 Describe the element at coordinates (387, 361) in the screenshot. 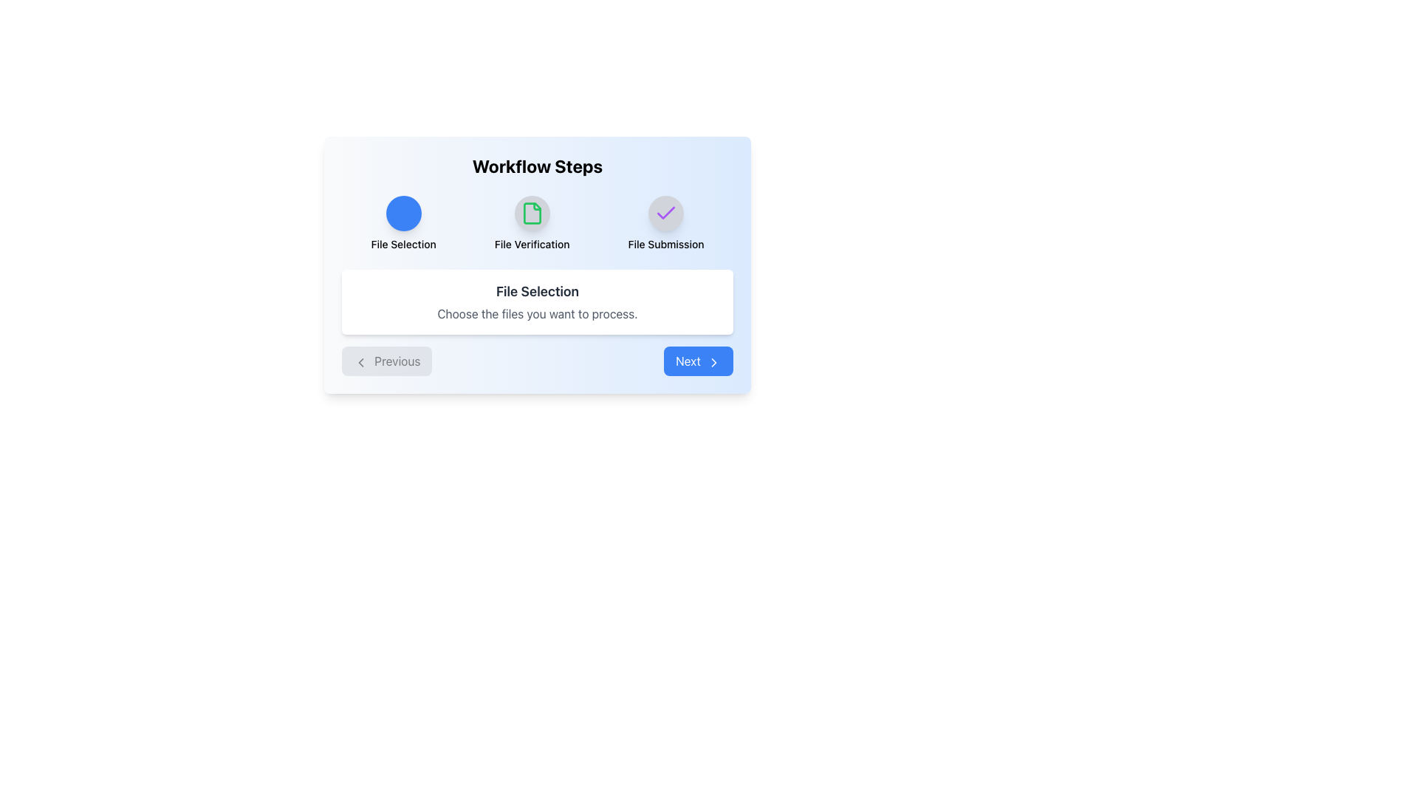

I see `the leftmost button in the bottom-left corner of the card-like interface` at that location.